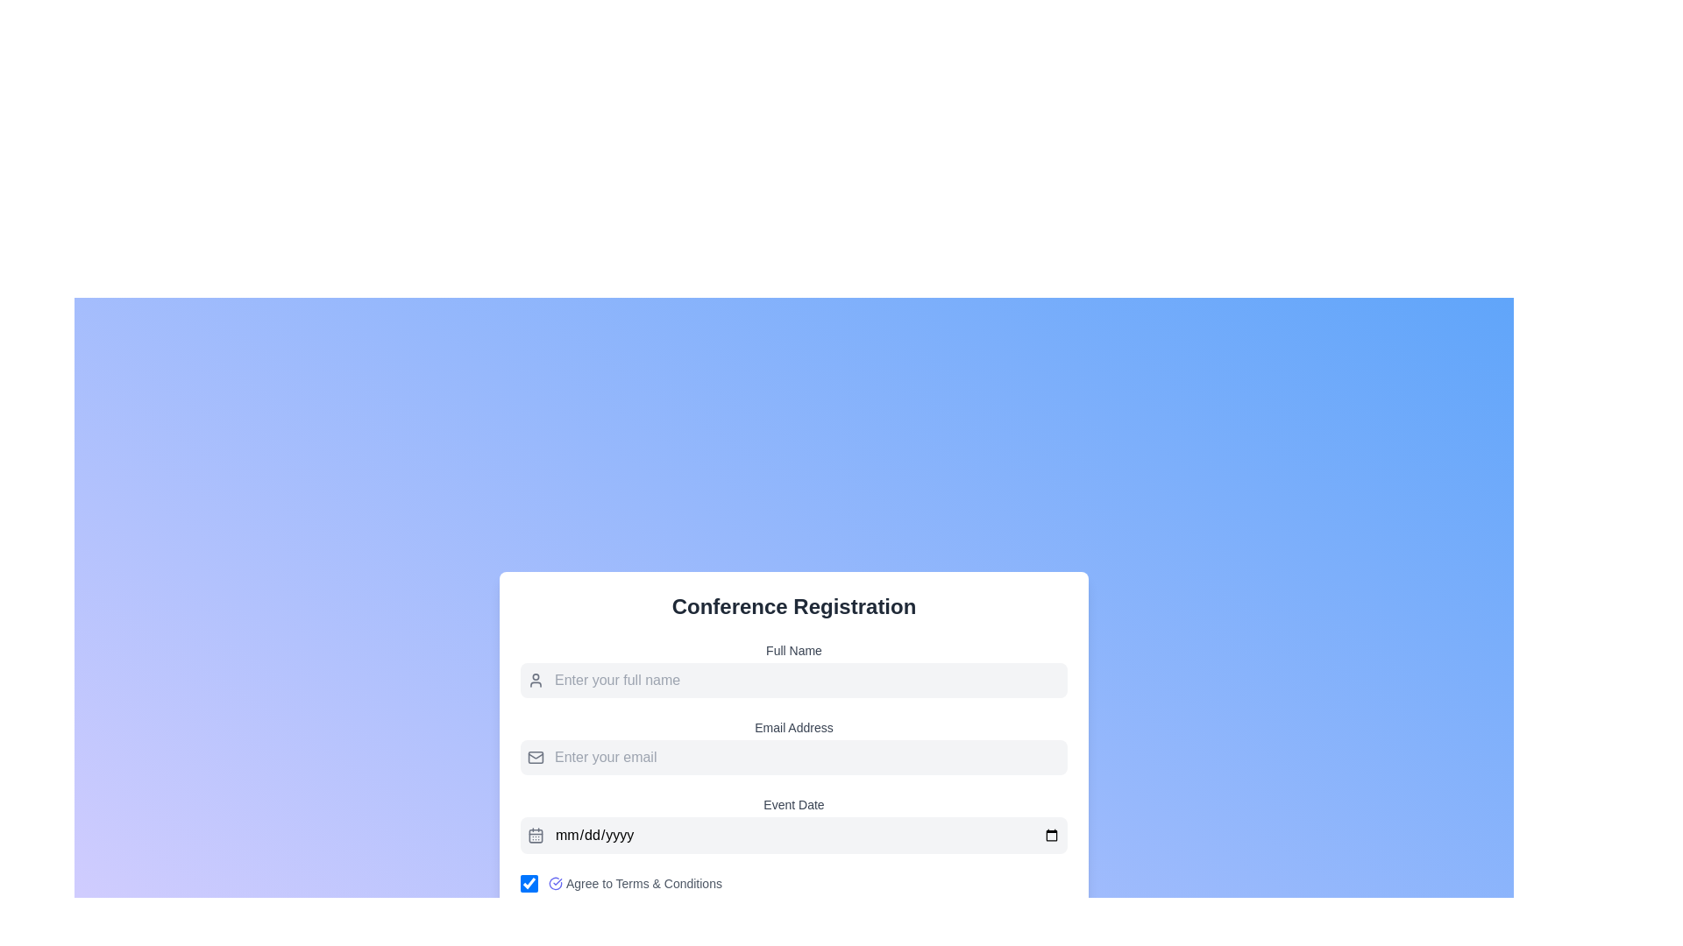 Image resolution: width=1683 pixels, height=946 pixels. What do you see at coordinates (535, 756) in the screenshot?
I see `the envelope icon located to the left of the 'Enter your email' input field, which is rendered in a minimalist outline style with a gray color tone` at bounding box center [535, 756].